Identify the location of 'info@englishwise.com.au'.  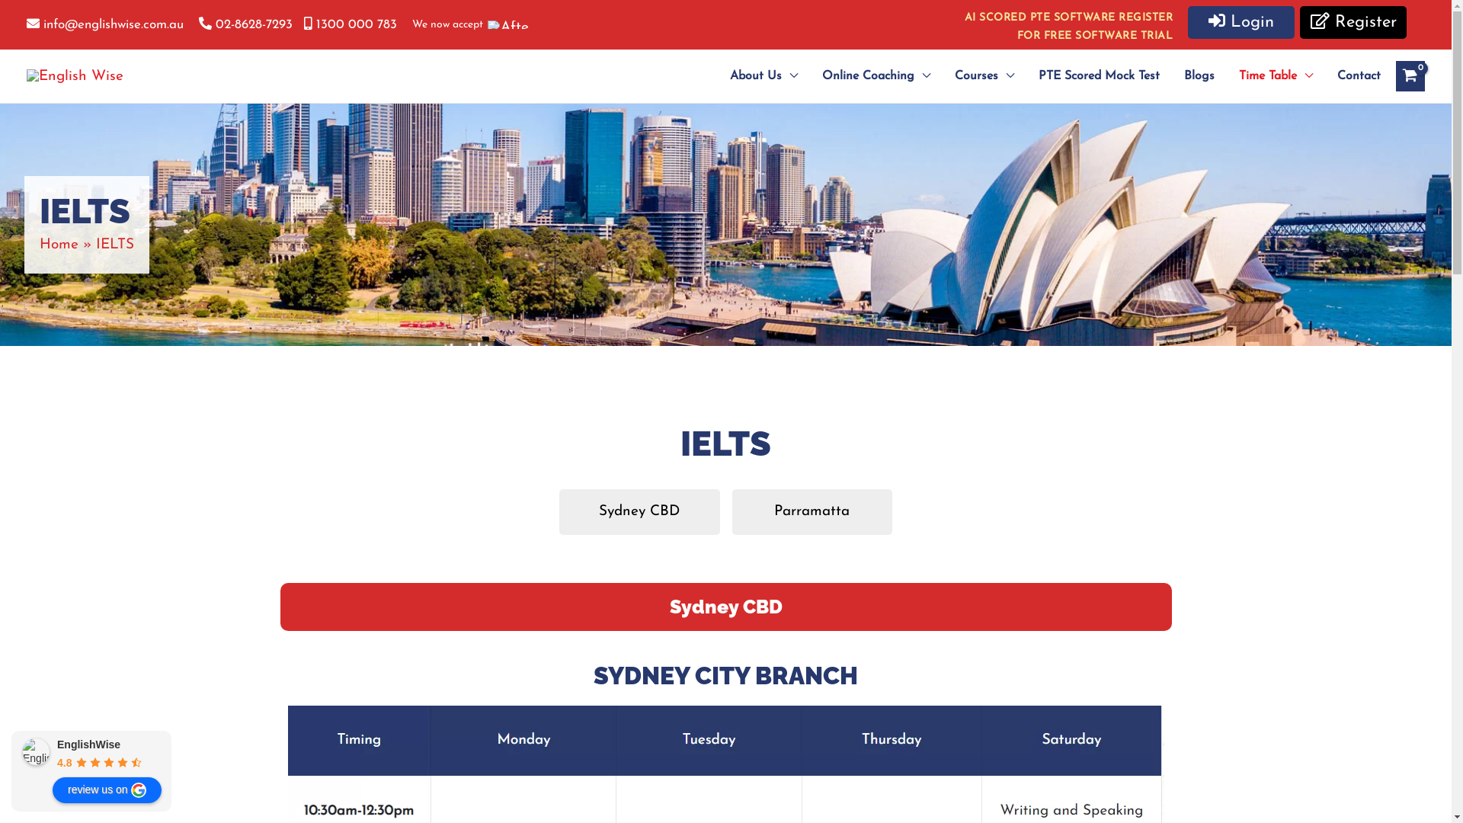
(26, 24).